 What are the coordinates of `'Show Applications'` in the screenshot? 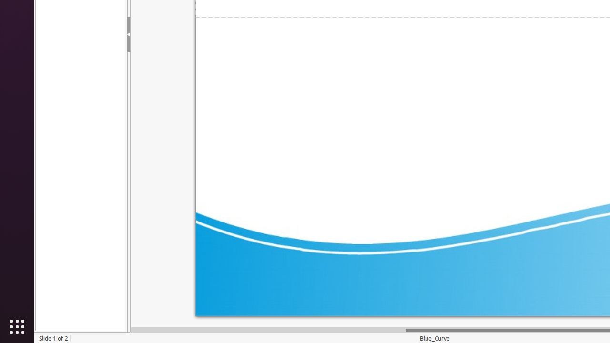 It's located at (17, 326).